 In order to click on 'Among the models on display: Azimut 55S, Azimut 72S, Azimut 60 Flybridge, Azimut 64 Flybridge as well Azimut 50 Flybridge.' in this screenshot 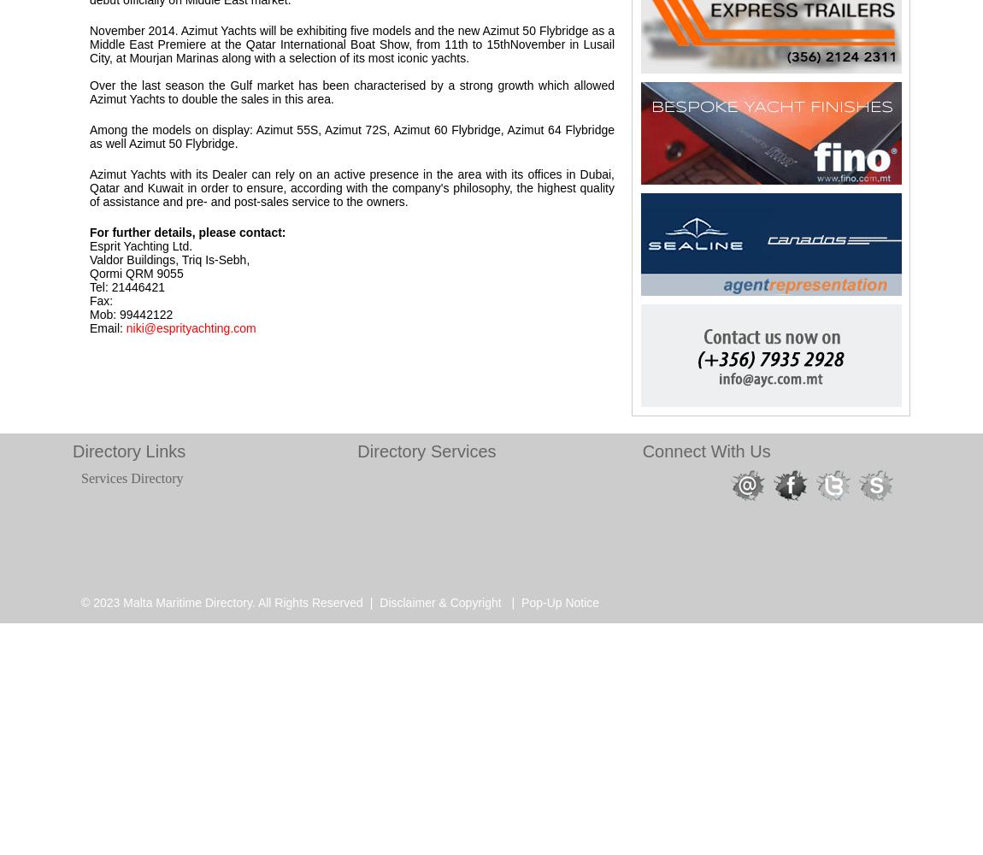, I will do `click(352, 137)`.